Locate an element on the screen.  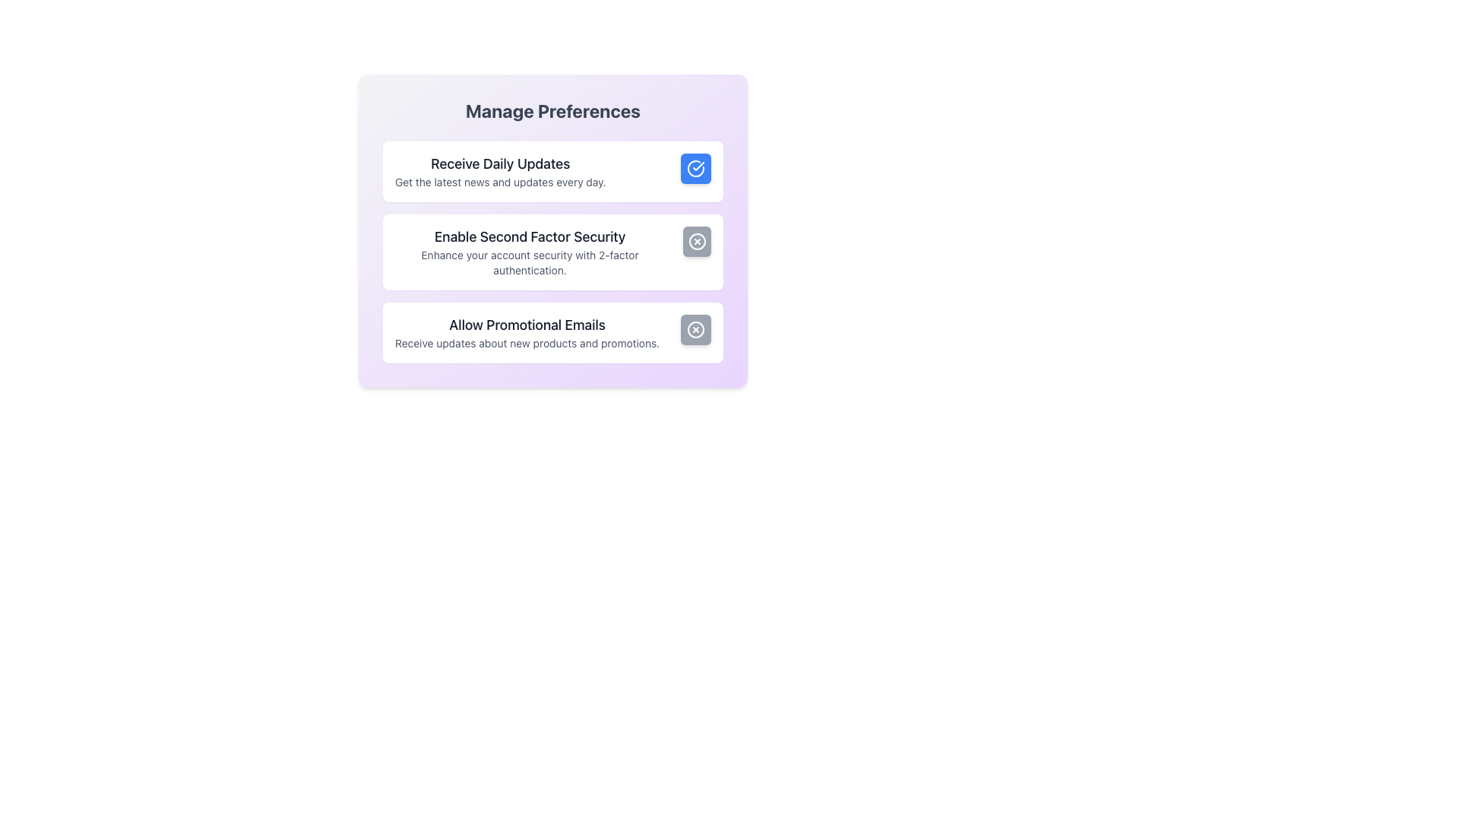
the circular toggle button with a gray background and a white 'x' icon is located at coordinates (695, 329).